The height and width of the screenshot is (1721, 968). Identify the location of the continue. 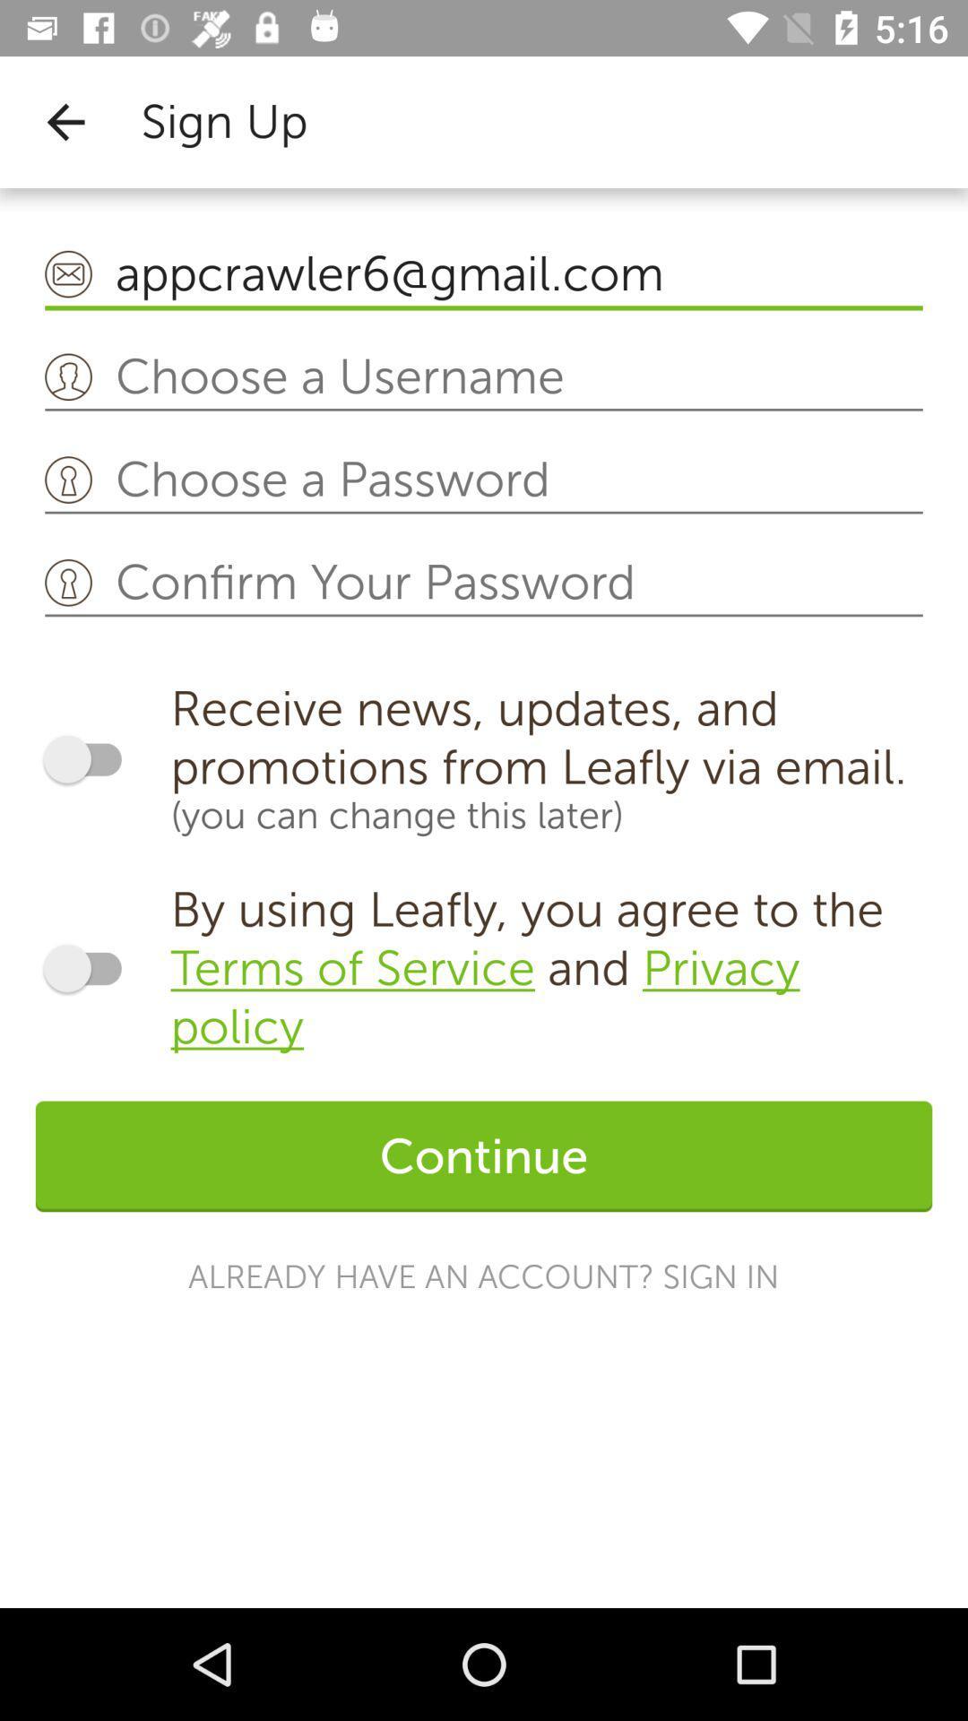
(484, 1156).